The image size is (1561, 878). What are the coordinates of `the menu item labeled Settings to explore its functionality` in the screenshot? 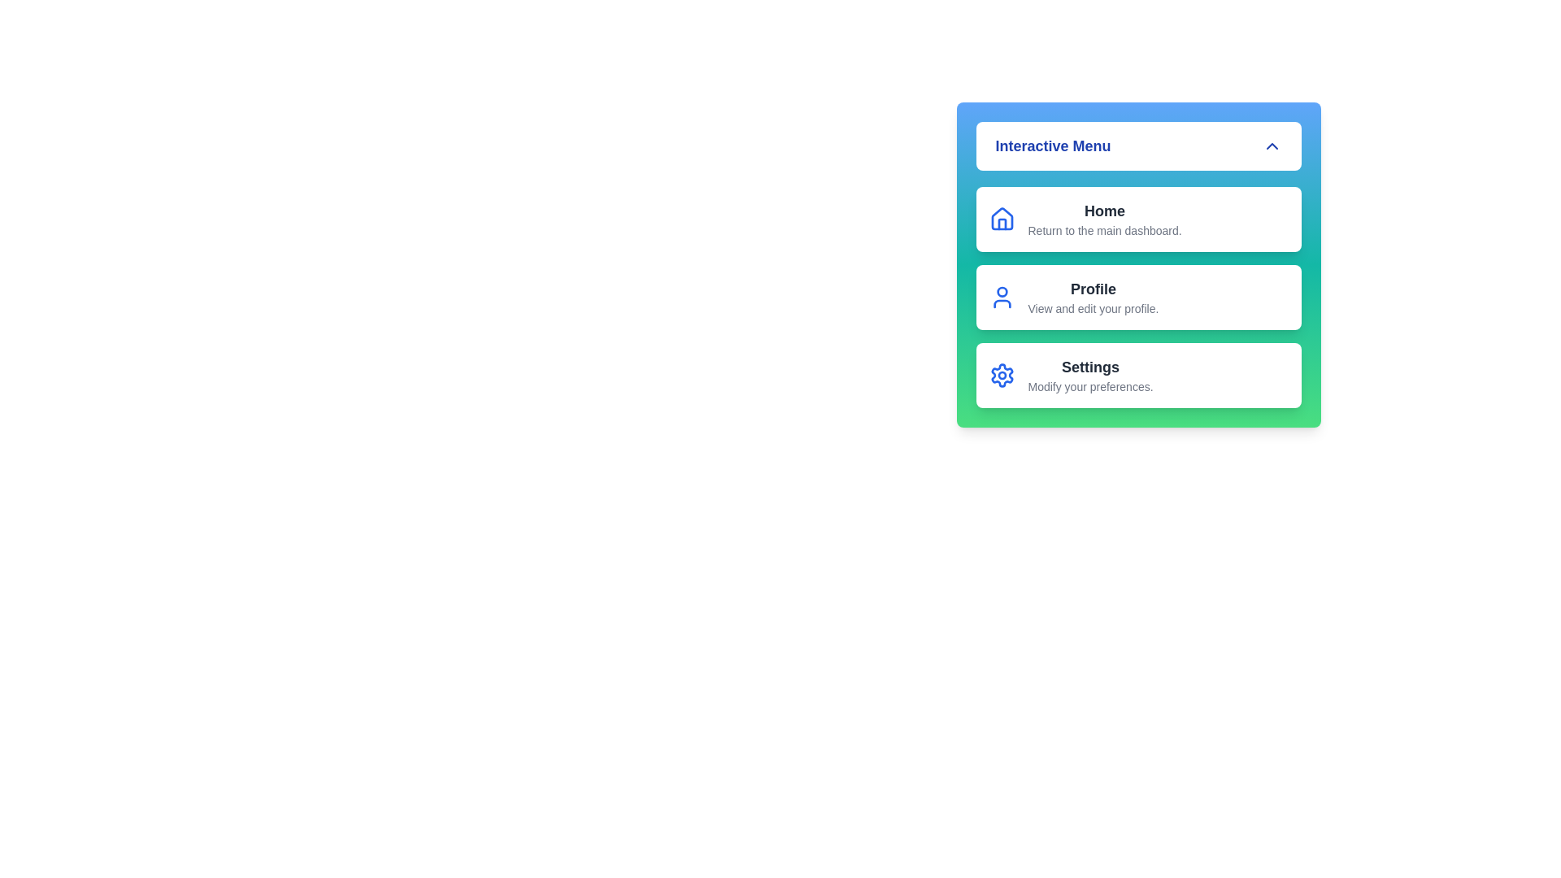 It's located at (1137, 376).